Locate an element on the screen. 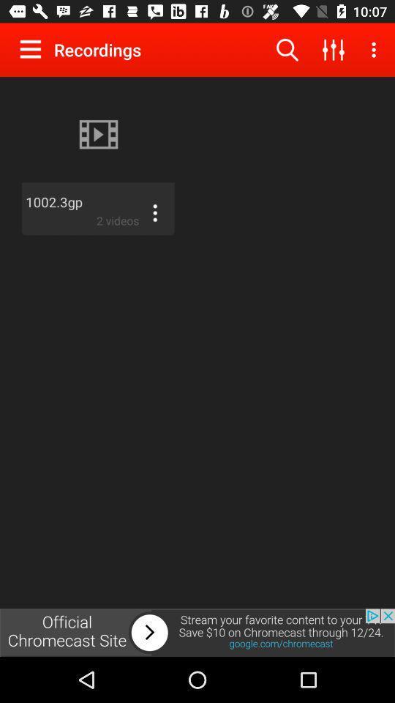 The height and width of the screenshot is (703, 395). open menu is located at coordinates (34, 49).